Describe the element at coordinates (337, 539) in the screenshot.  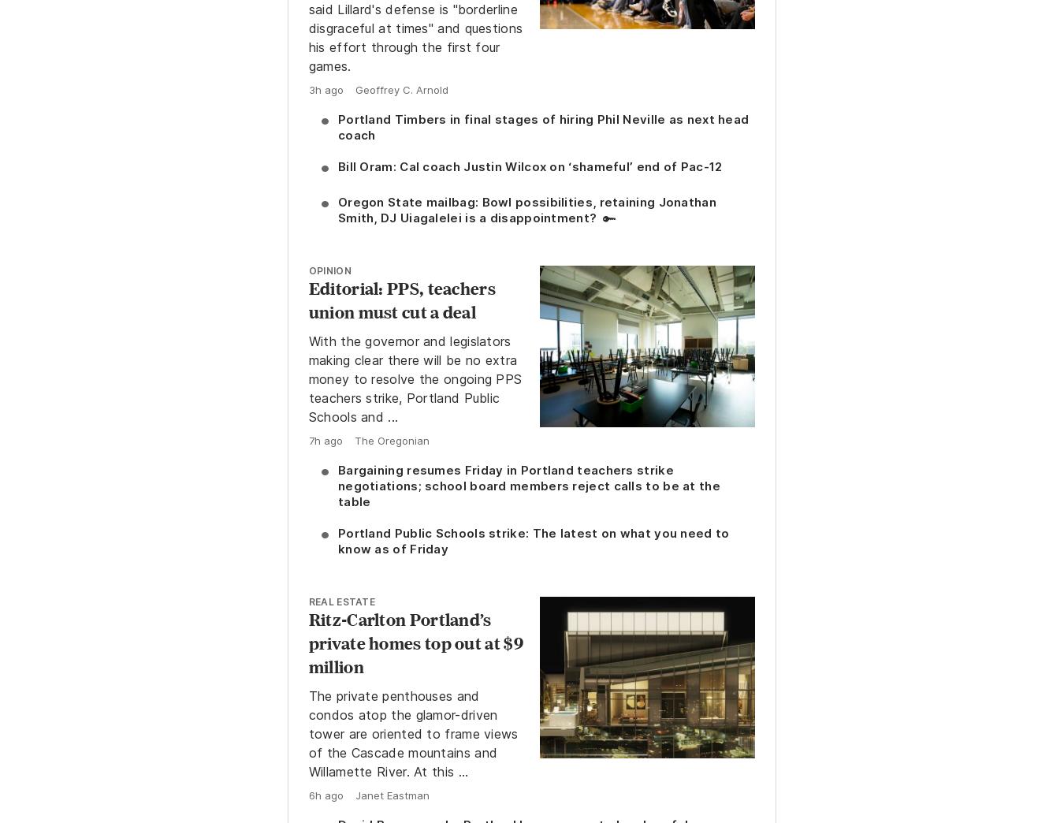
I see `'Portland Public Schools strike: The latest on what you need to know as of Friday'` at that location.